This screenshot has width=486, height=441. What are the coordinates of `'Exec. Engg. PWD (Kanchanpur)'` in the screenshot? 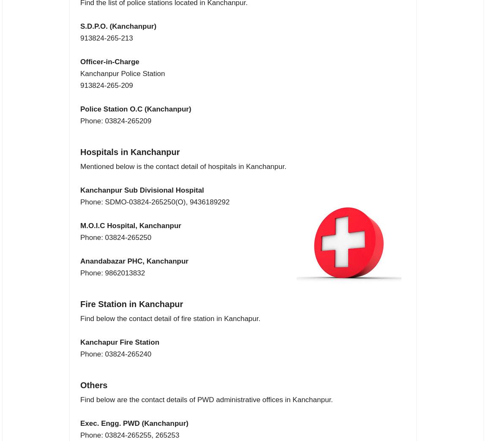 It's located at (134, 423).